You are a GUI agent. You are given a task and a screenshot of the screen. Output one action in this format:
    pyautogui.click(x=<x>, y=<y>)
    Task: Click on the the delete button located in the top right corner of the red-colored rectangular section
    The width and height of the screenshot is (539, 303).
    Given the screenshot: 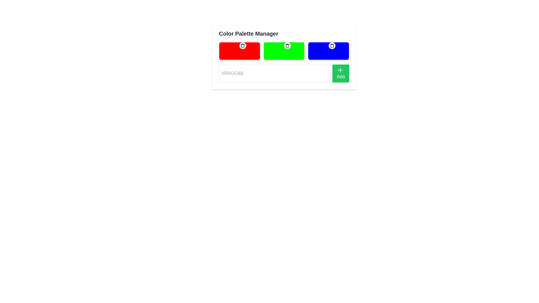 What is the action you would take?
    pyautogui.click(x=243, y=45)
    